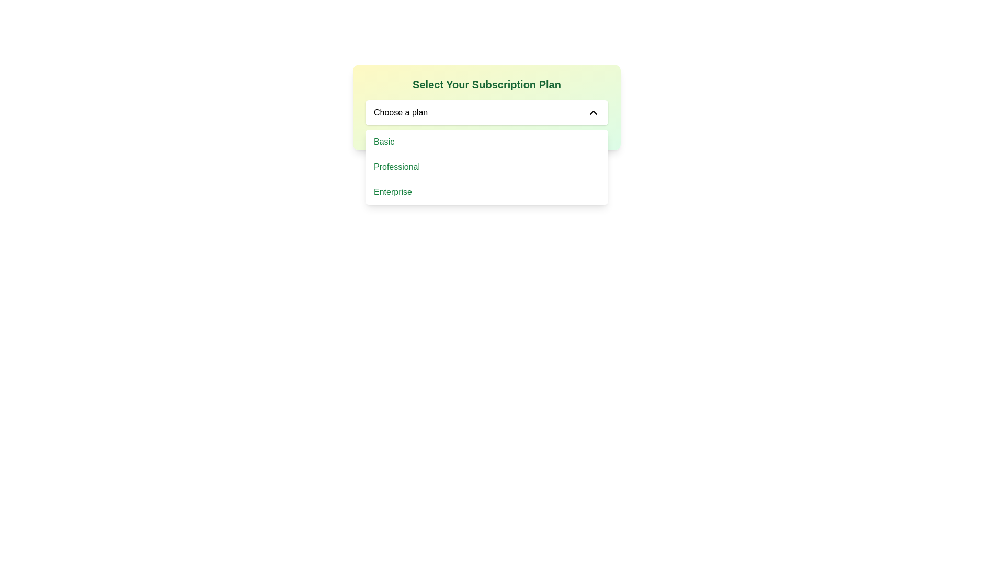 This screenshot has width=1004, height=564. I want to click on the downward-pointing chevron icon with a black outline indicating a toggle state, located inside the 'Choose a plan' area, so click(593, 113).